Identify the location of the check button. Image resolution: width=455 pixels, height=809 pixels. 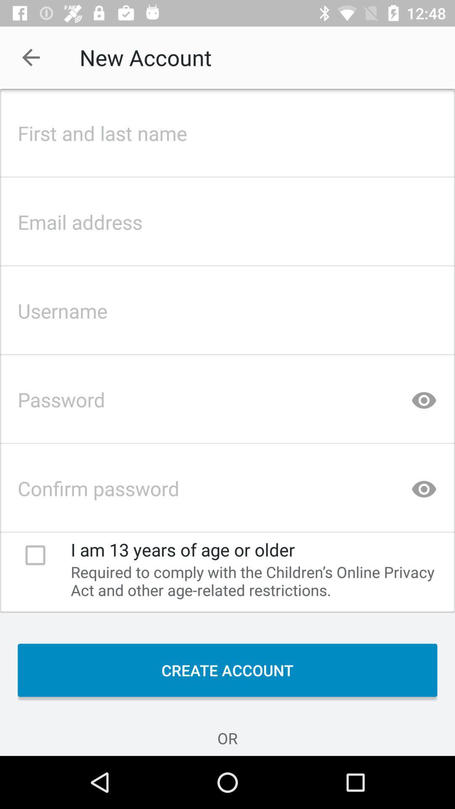
(35, 555).